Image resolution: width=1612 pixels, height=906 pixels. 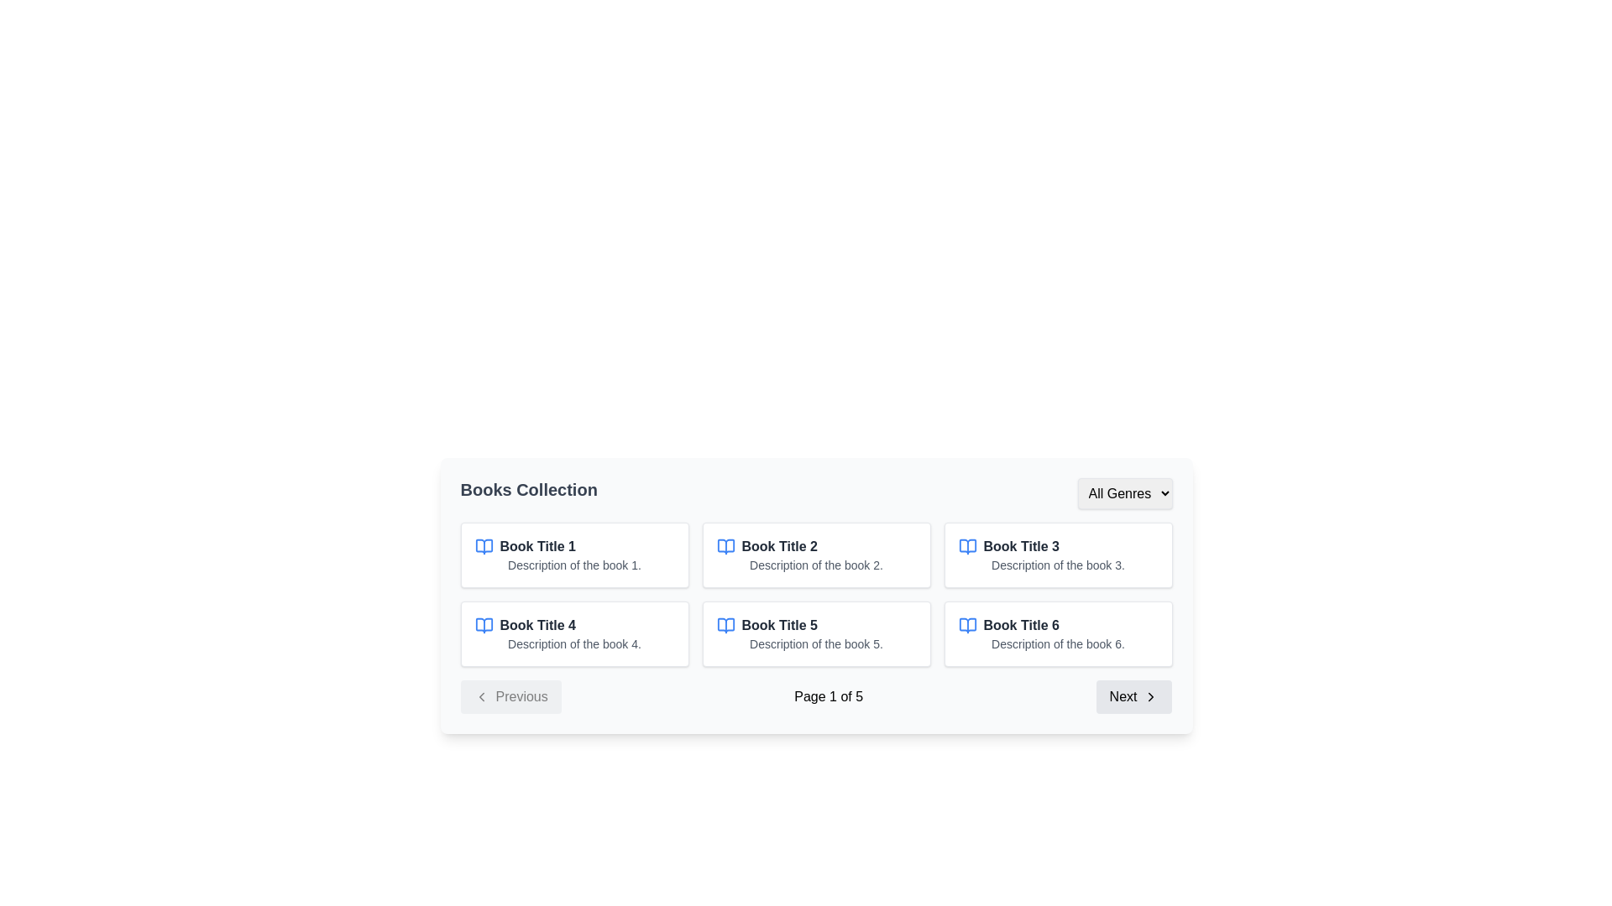 I want to click on the second card in the grid layout that displays the title and description of a book, positioned between 'Book Title 1' and 'Book Title 3', so click(x=816, y=555).